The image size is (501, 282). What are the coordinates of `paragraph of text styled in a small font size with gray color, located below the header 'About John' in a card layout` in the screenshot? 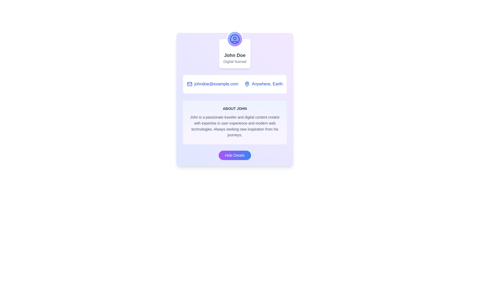 It's located at (235, 126).